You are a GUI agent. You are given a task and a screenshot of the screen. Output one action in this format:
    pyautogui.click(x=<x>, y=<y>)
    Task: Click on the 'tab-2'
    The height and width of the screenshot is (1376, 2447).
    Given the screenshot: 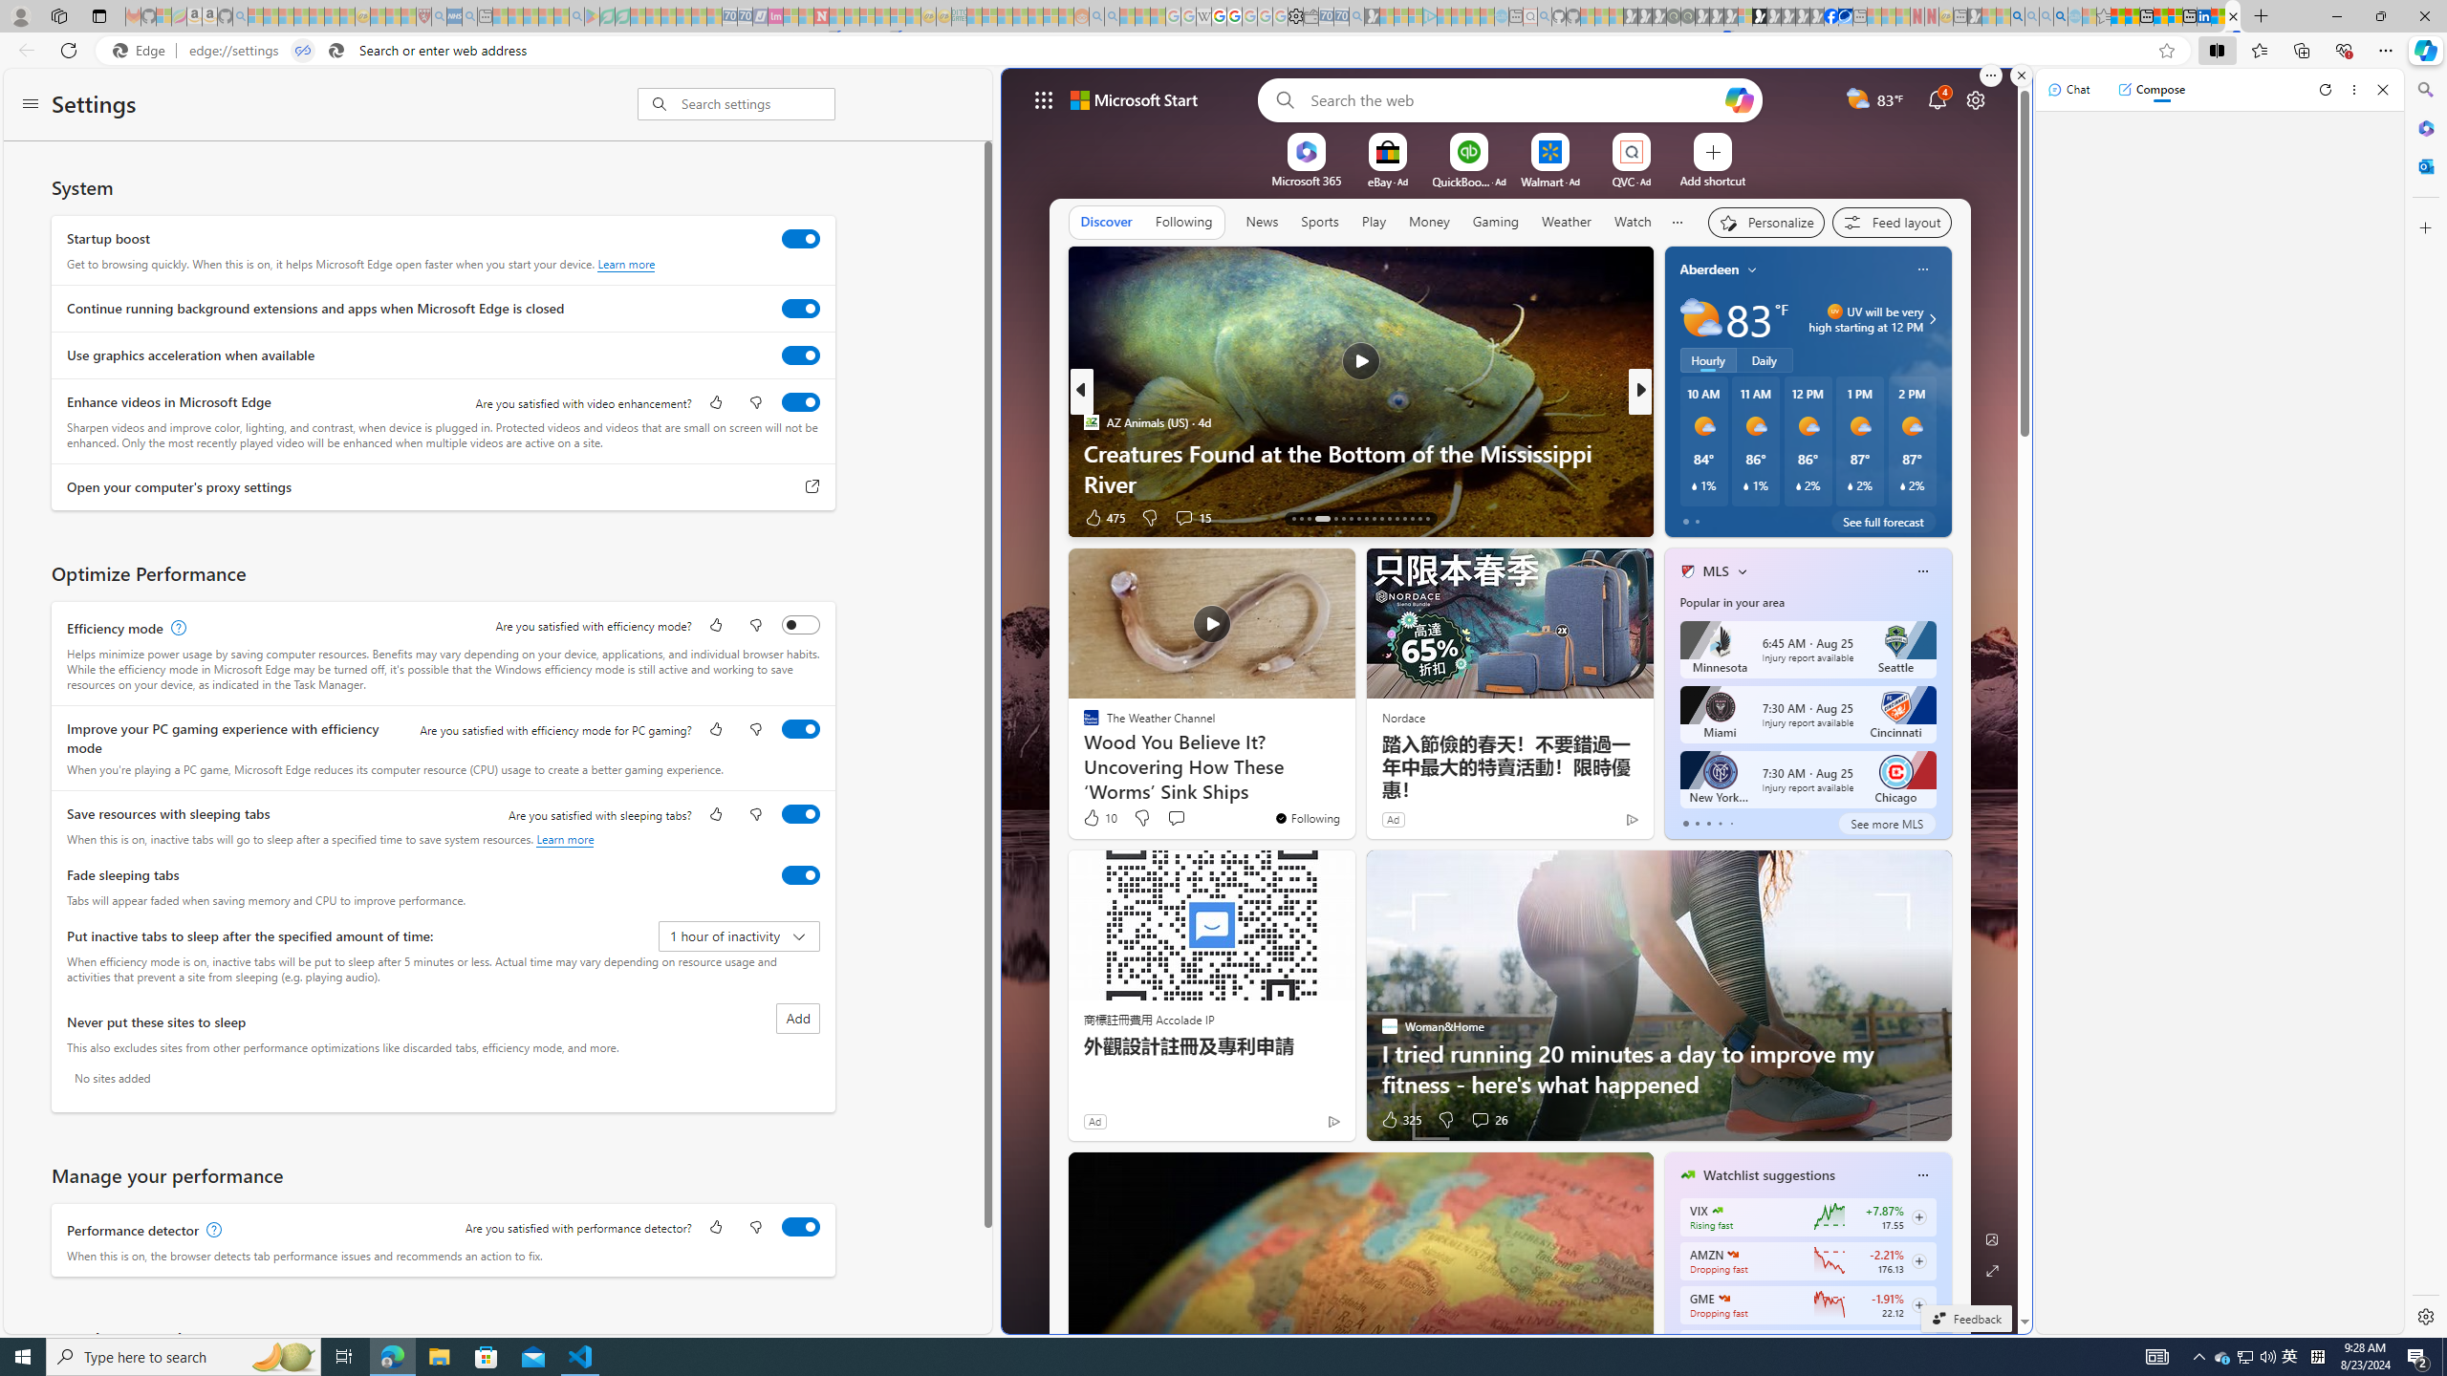 What is the action you would take?
    pyautogui.click(x=1708, y=823)
    